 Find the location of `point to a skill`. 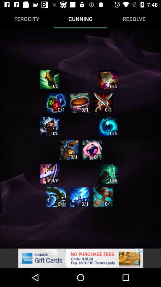

point to a skill is located at coordinates (49, 174).